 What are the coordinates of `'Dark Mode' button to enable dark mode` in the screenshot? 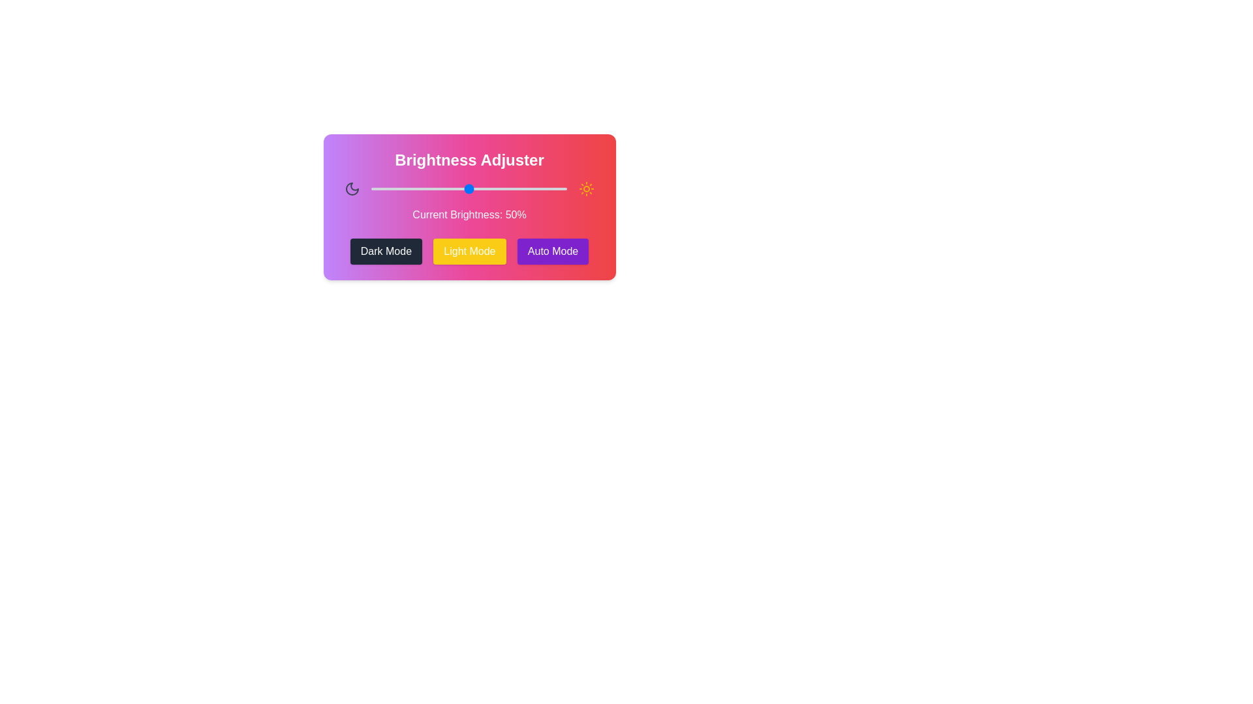 It's located at (385, 251).